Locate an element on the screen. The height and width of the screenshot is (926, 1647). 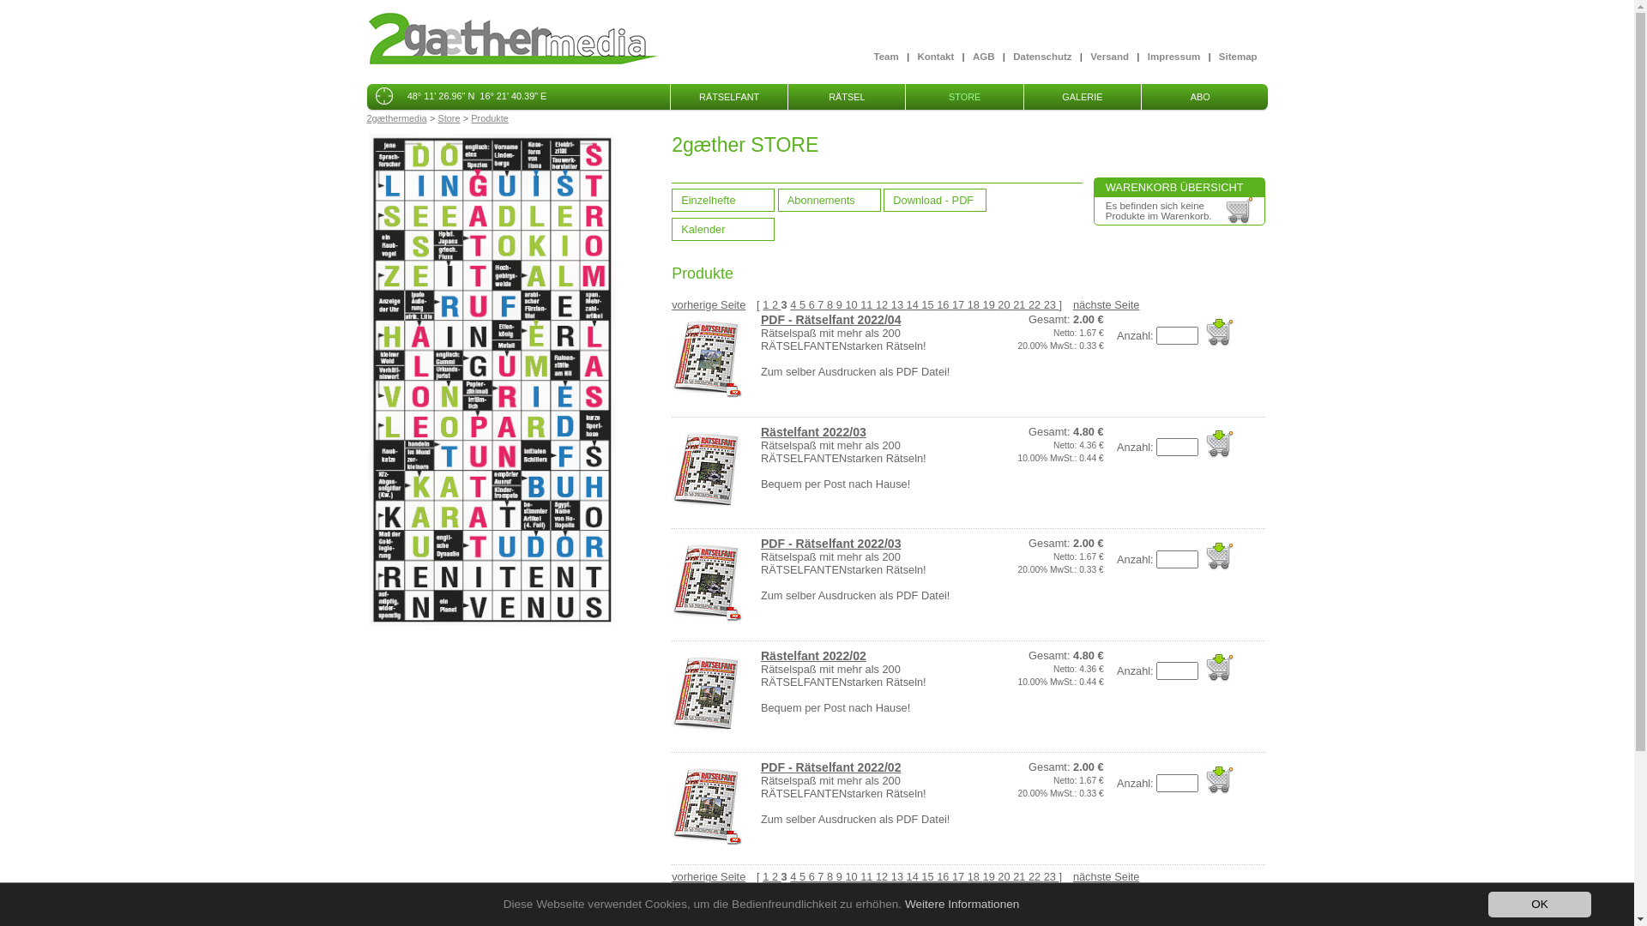
'vorherige Seite' is located at coordinates (708, 876).